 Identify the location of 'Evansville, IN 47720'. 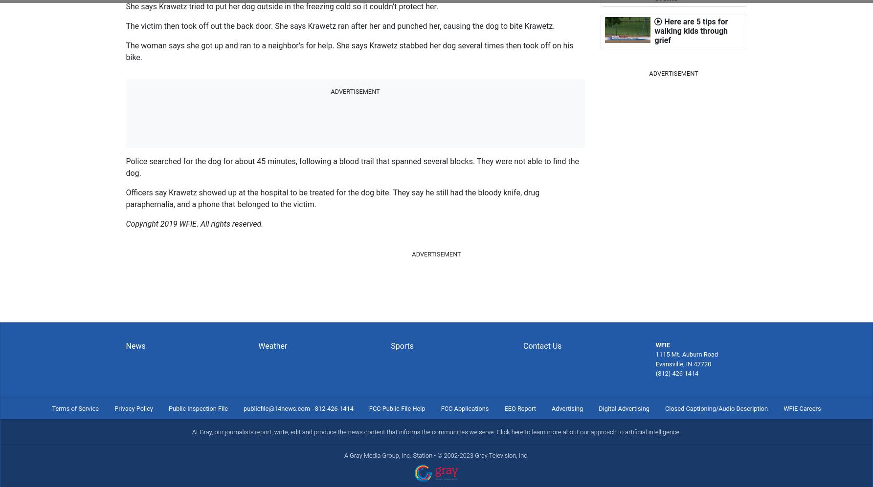
(683, 363).